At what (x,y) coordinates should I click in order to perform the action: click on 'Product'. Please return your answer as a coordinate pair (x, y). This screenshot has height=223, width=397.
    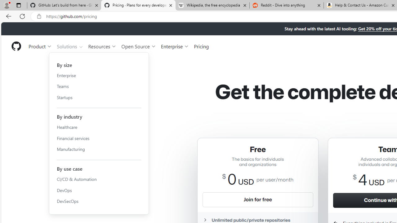
    Looking at the image, I should click on (40, 46).